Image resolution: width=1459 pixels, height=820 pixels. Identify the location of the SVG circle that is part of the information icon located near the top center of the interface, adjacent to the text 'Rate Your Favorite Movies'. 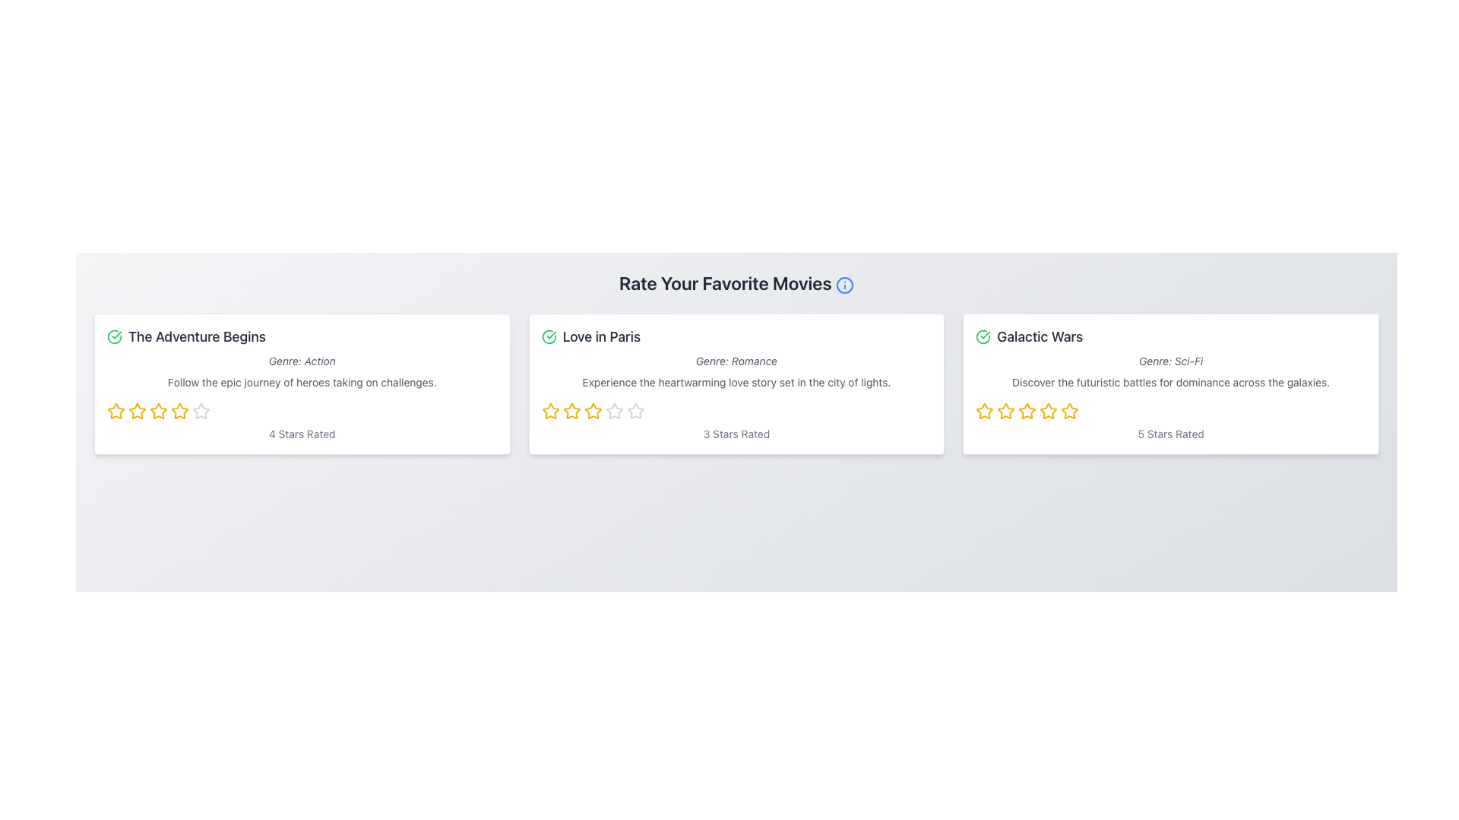
(843, 285).